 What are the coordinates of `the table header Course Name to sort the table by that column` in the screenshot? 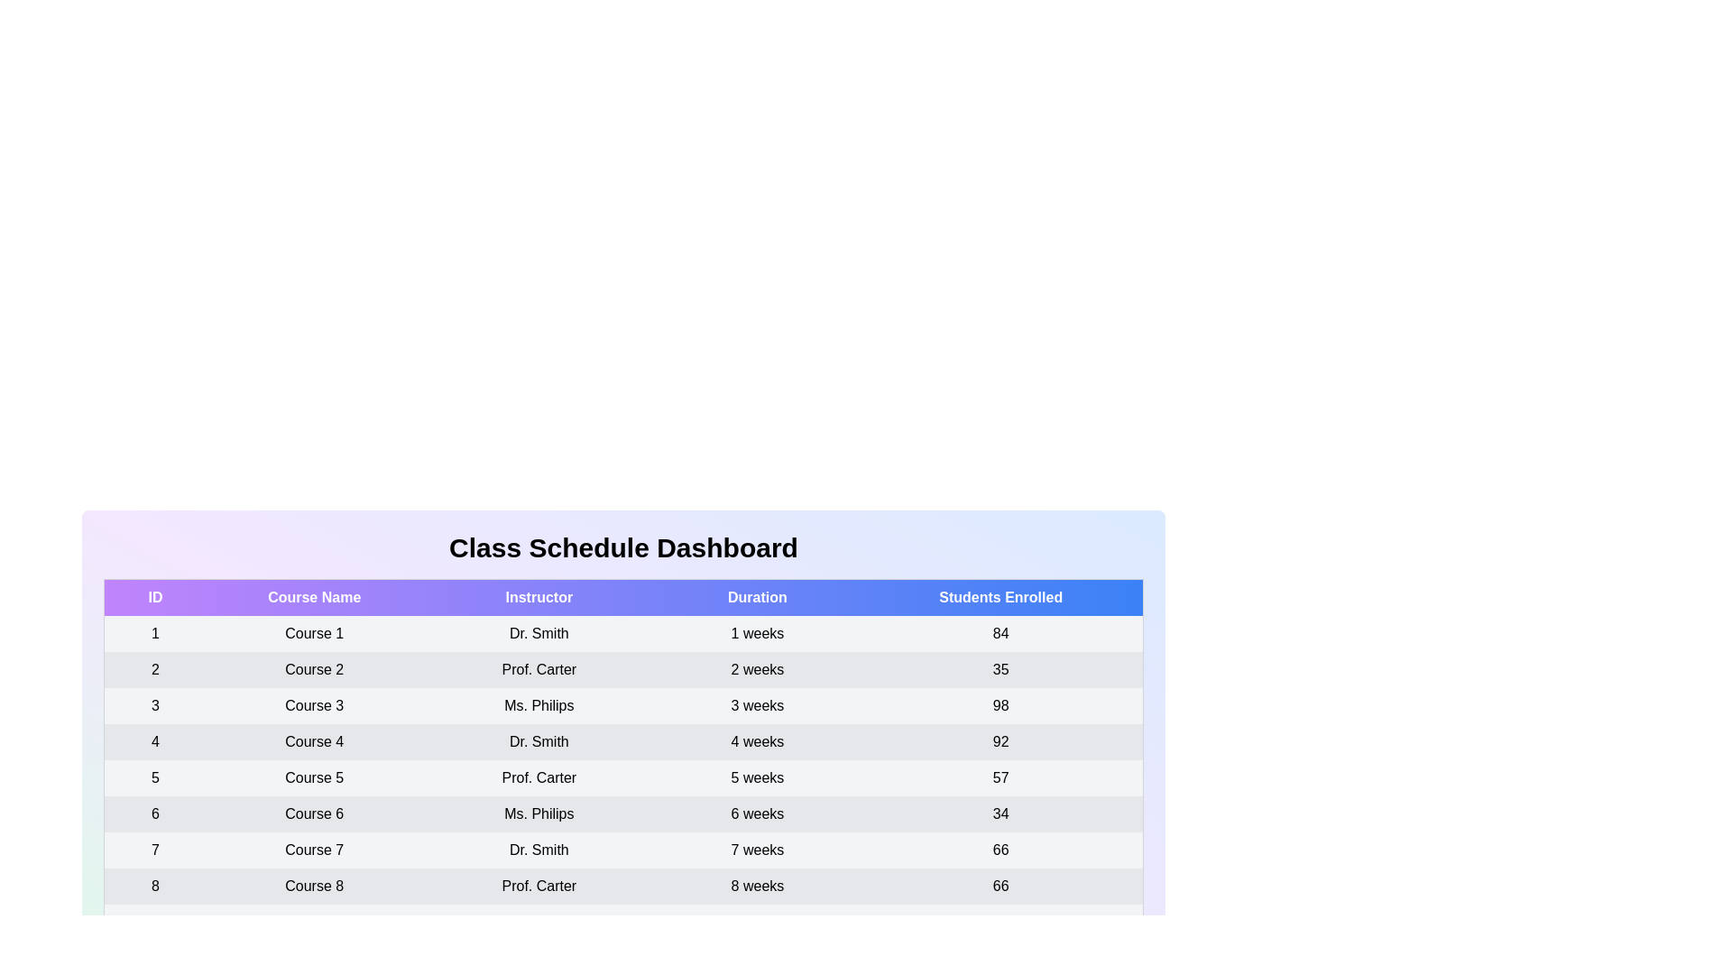 It's located at (314, 597).